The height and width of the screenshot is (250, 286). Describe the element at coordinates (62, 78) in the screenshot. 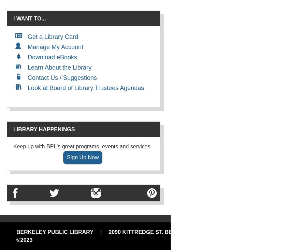

I see `'Contact Us / Suggestions'` at that location.